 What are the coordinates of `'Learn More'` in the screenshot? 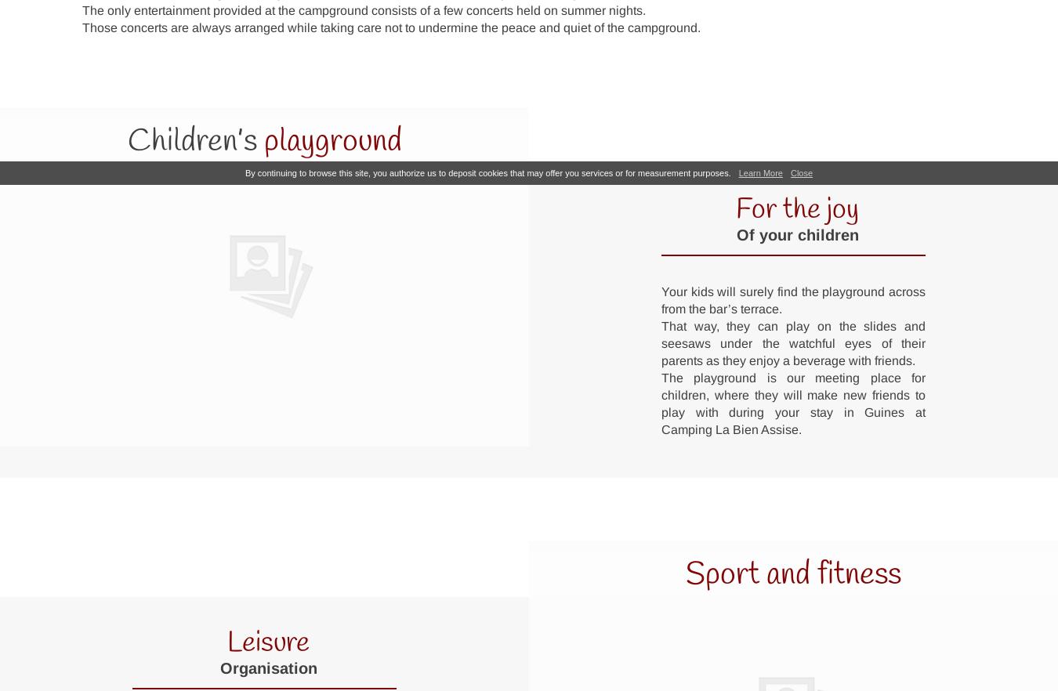 It's located at (737, 172).